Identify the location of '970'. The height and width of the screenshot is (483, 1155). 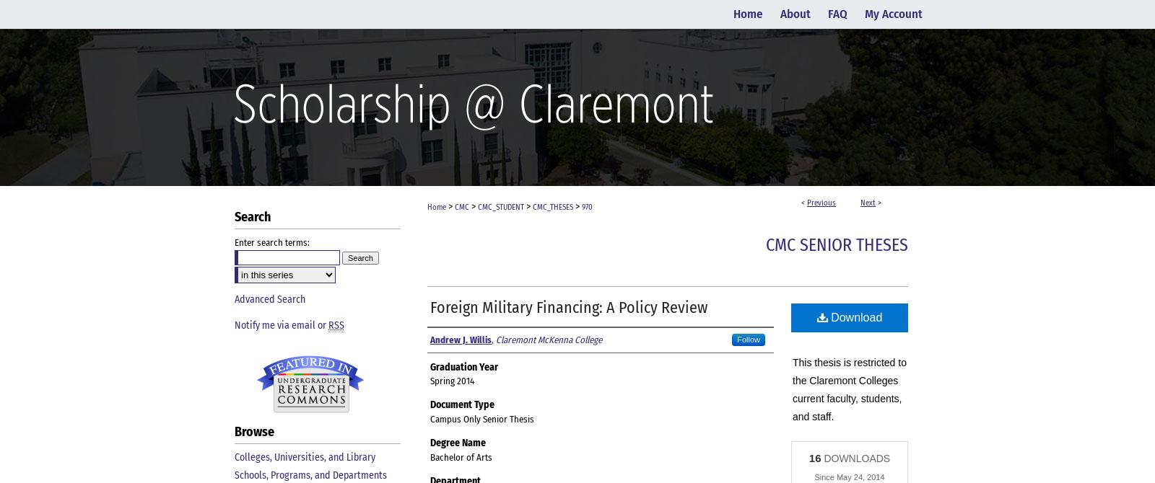
(586, 206).